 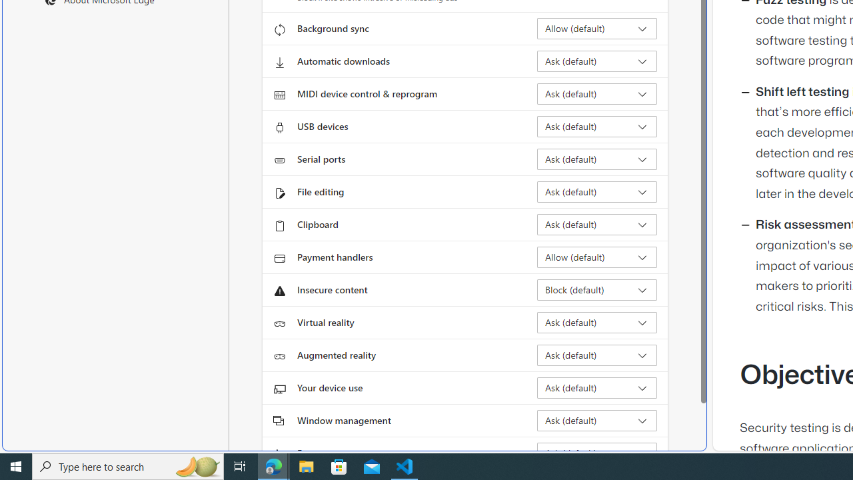 I want to click on 'Serial ports Ask (default)', so click(x=596, y=159).